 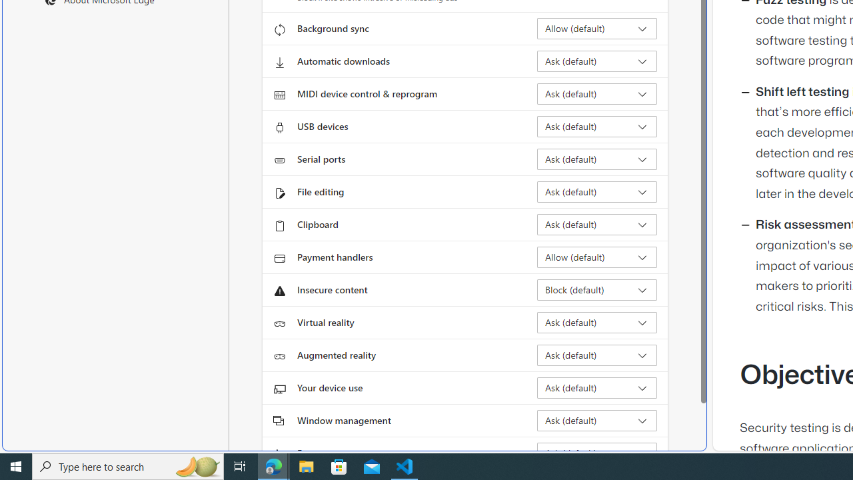 I want to click on 'Serial ports Ask (default)', so click(x=596, y=159).